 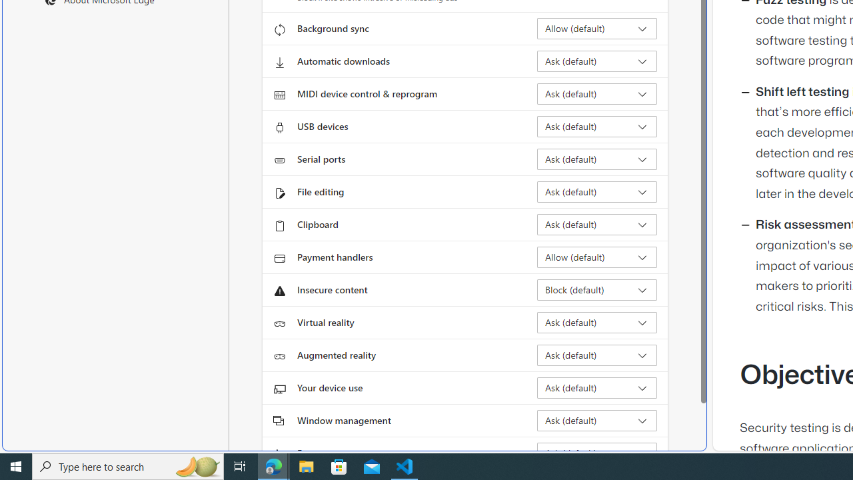 I want to click on 'Serial ports Ask (default)', so click(x=596, y=159).